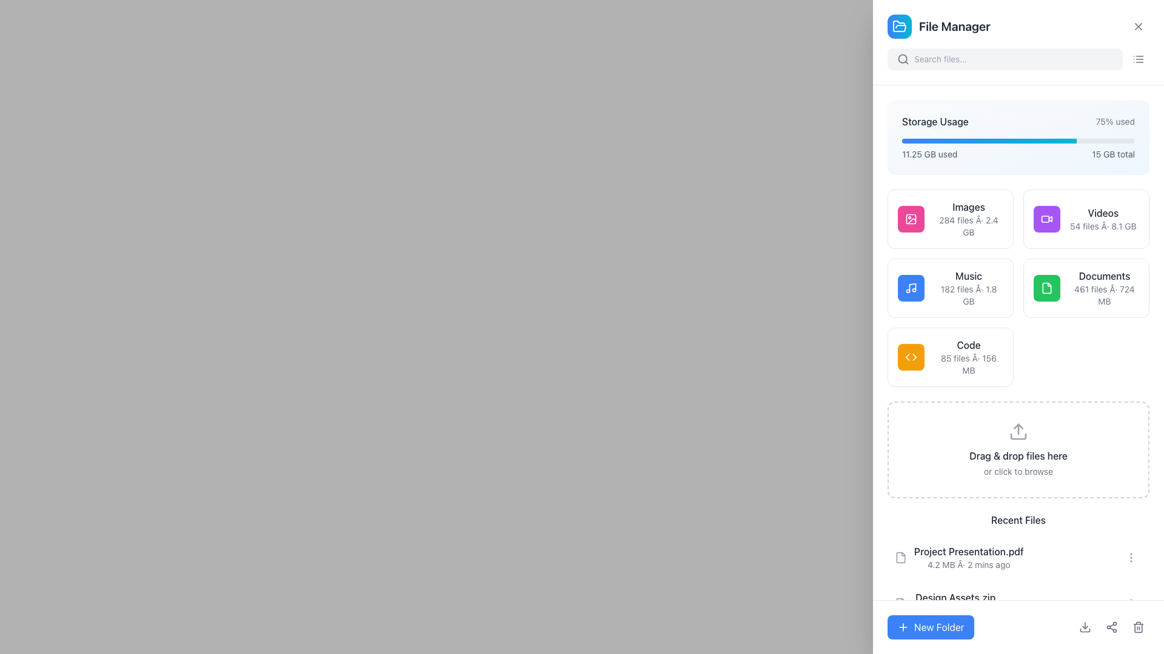  I want to click on the center icon button in the horizontal cluster of three icon buttons located at the bottom-right section of the interface, so click(1111, 627).